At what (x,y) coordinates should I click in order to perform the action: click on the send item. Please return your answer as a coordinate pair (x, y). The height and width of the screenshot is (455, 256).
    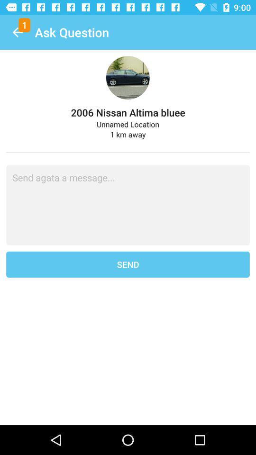
    Looking at the image, I should click on (128, 264).